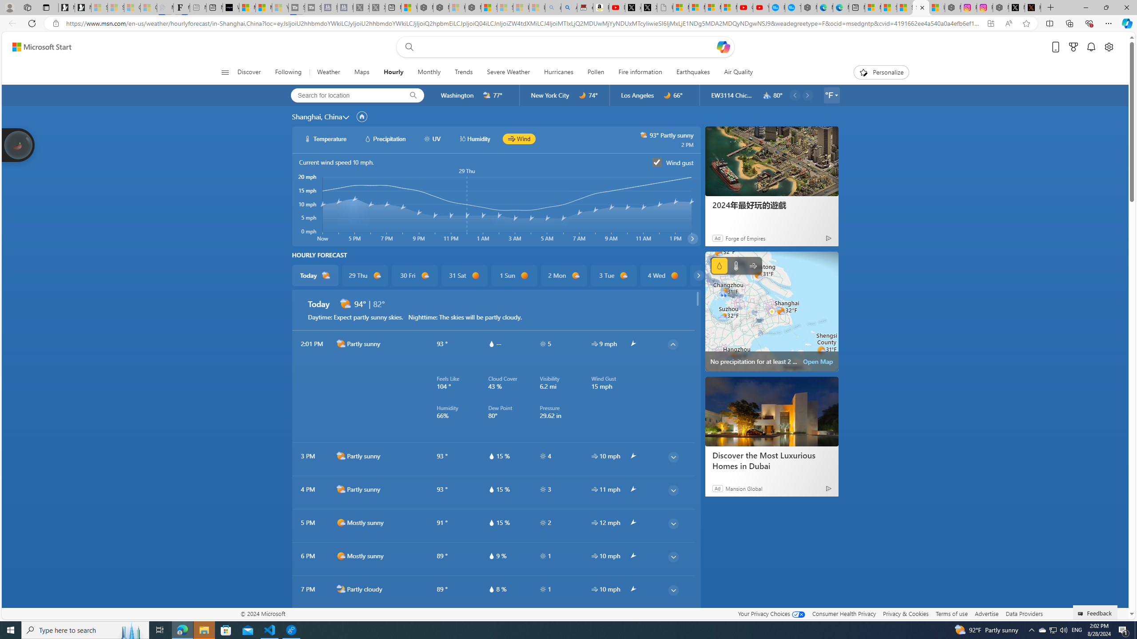 The image size is (1137, 639). What do you see at coordinates (594, 588) in the screenshot?
I see `'hourlyTable/wind'` at bounding box center [594, 588].